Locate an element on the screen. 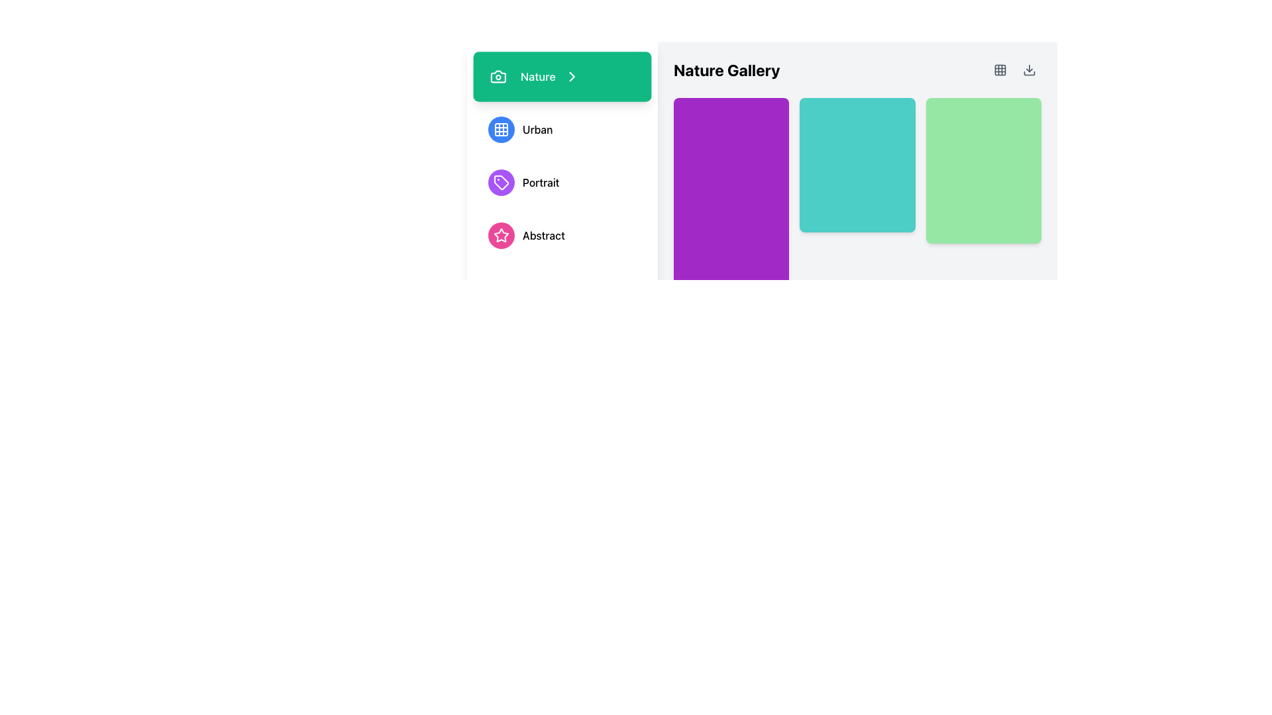  the card located in the top-left corner of the grid is located at coordinates (731, 227).